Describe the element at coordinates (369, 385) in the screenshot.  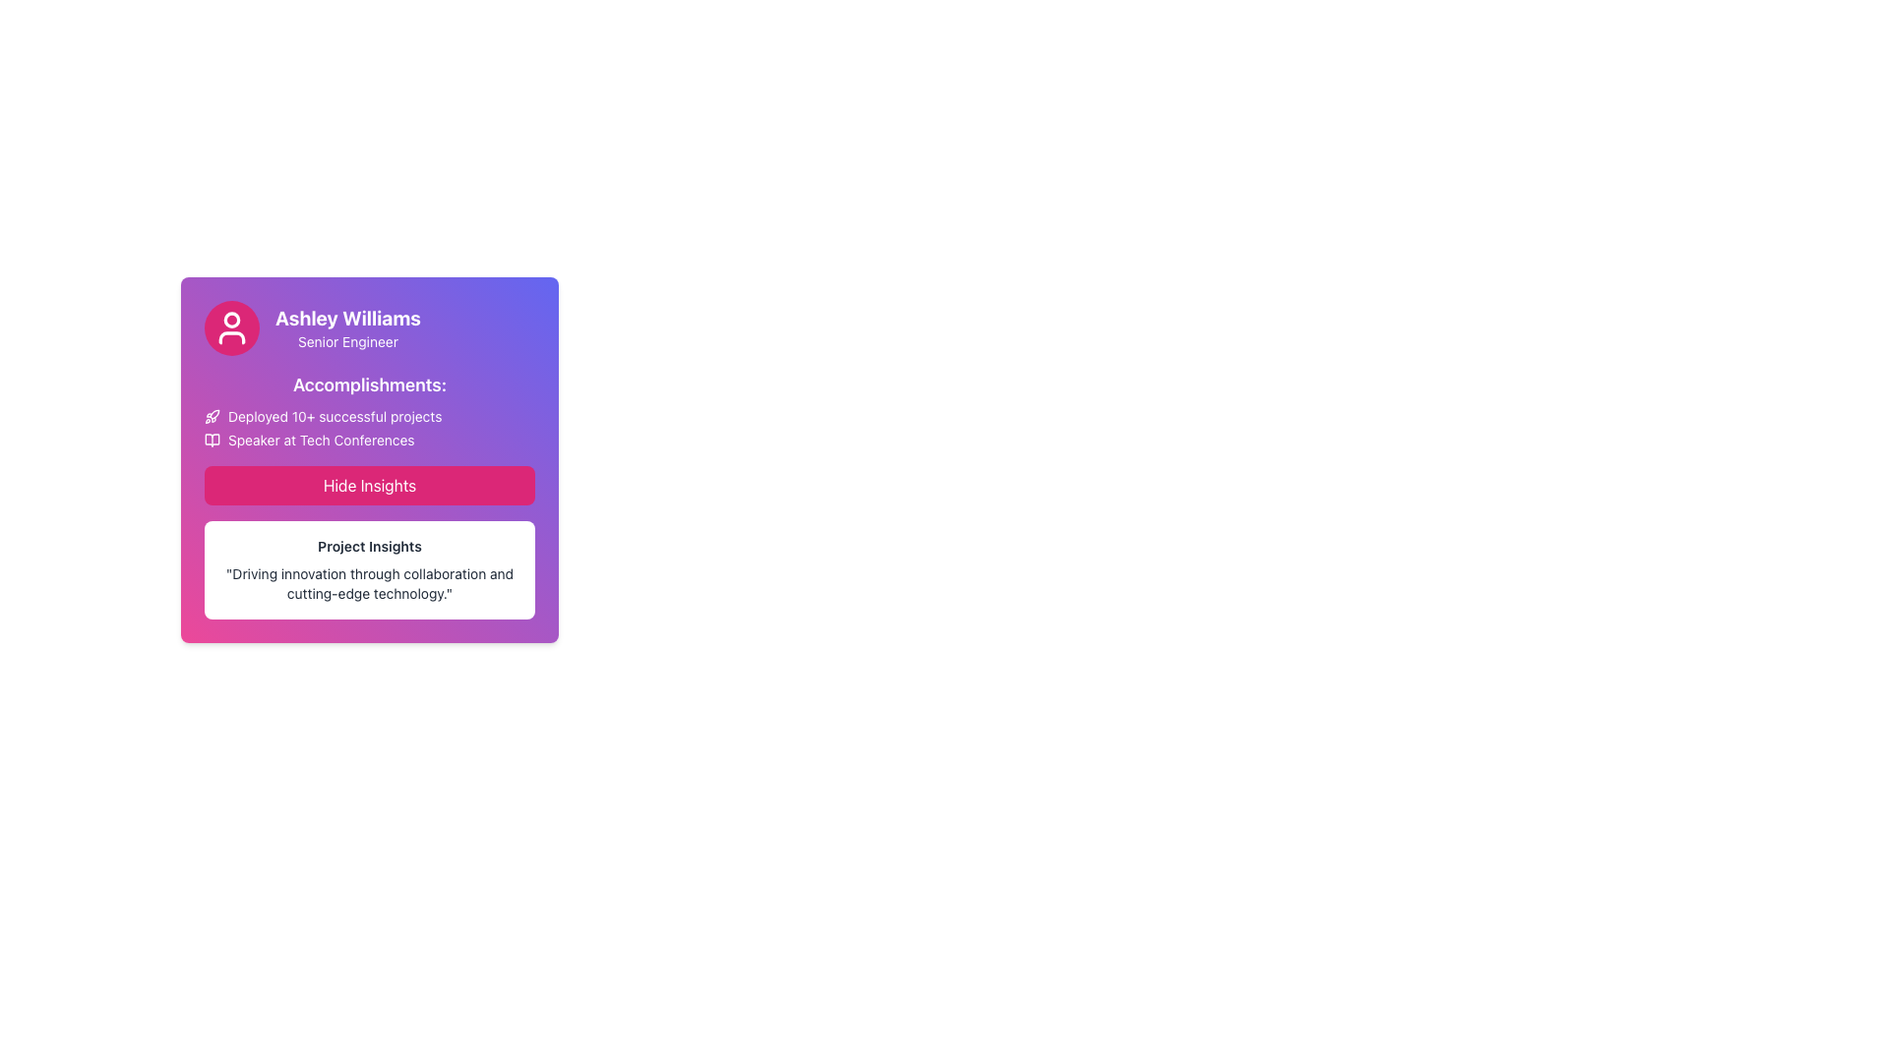
I see `the text label that serves as a section header for the list of accomplishments, positioned above the achievements within the content card` at that location.